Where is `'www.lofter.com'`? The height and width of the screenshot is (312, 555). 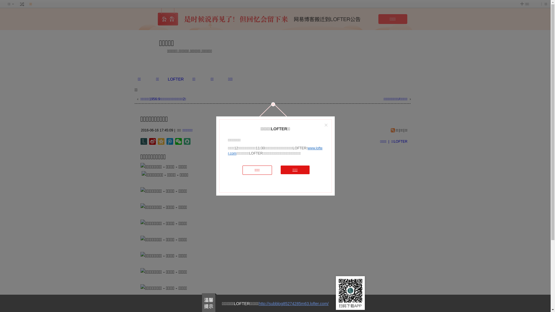
'www.lofter.com' is located at coordinates (275, 150).